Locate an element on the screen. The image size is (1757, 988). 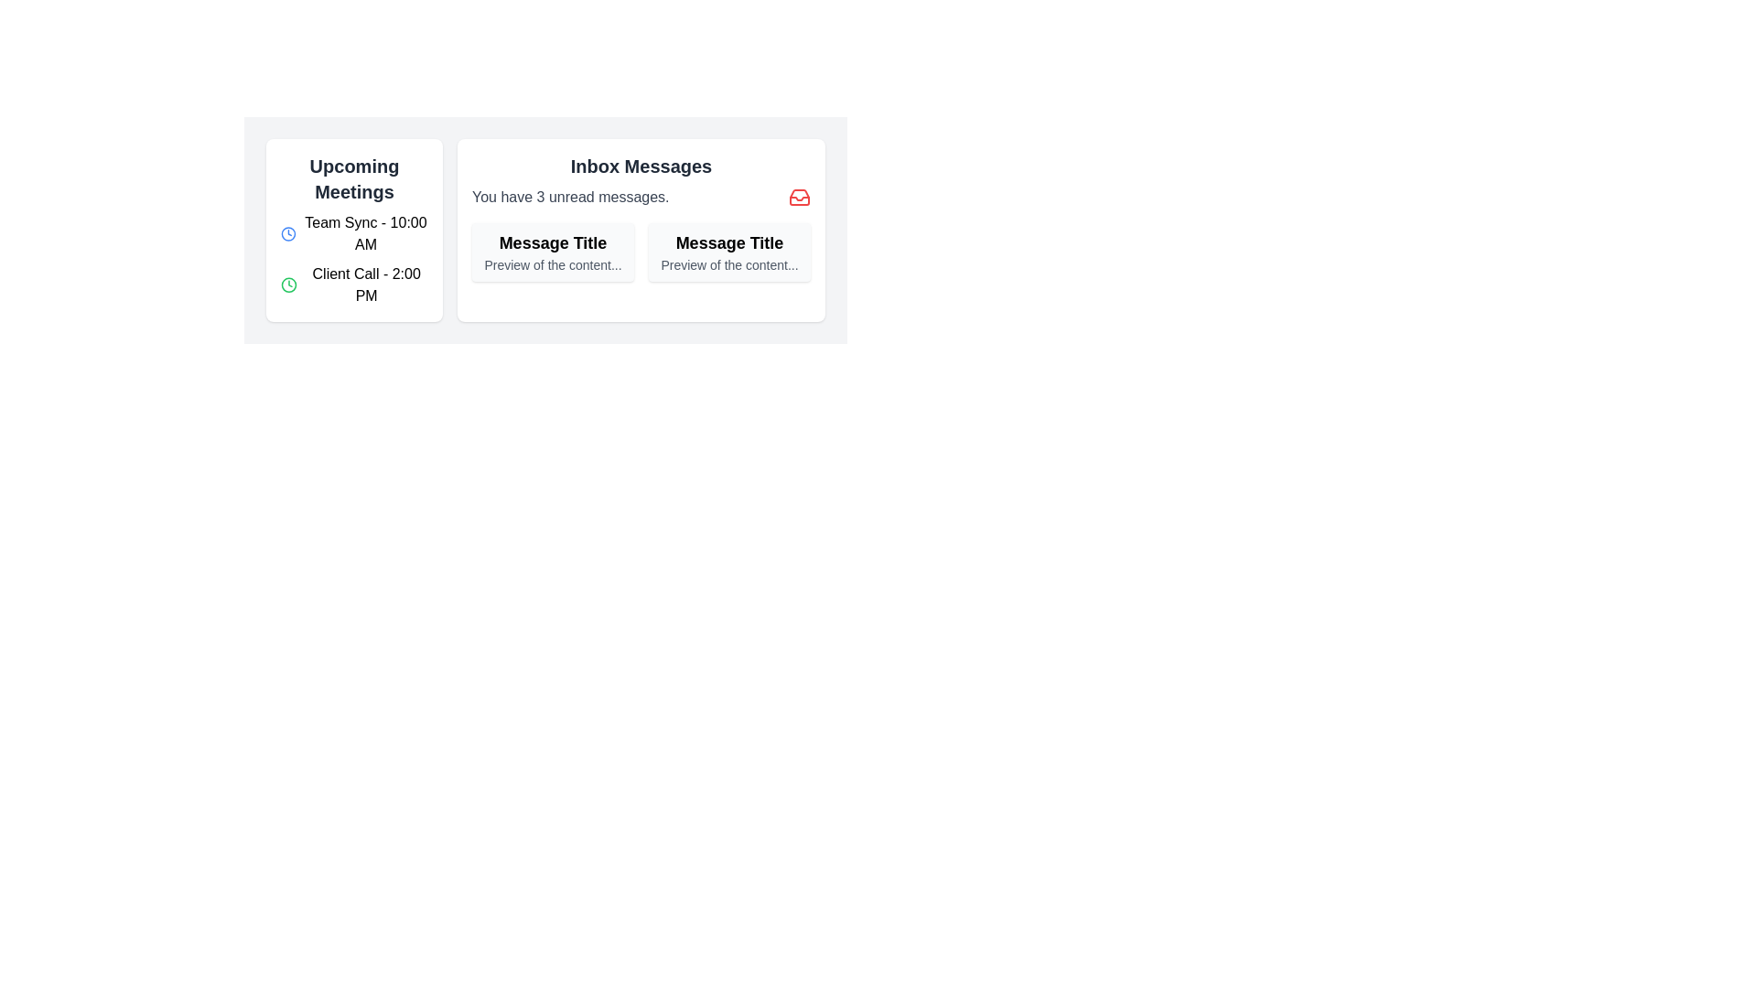
the text-label element that displays 'You have 3 unread messages.' in the Inbox Messages section to read the notification text is located at coordinates (641, 198).